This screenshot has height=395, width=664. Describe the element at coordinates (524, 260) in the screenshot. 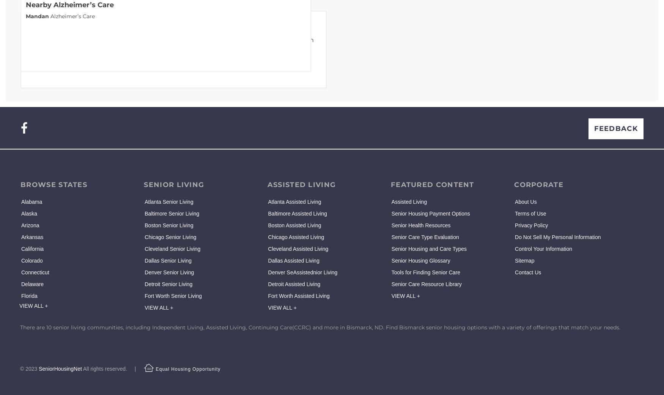

I see `'Sitemap'` at that location.